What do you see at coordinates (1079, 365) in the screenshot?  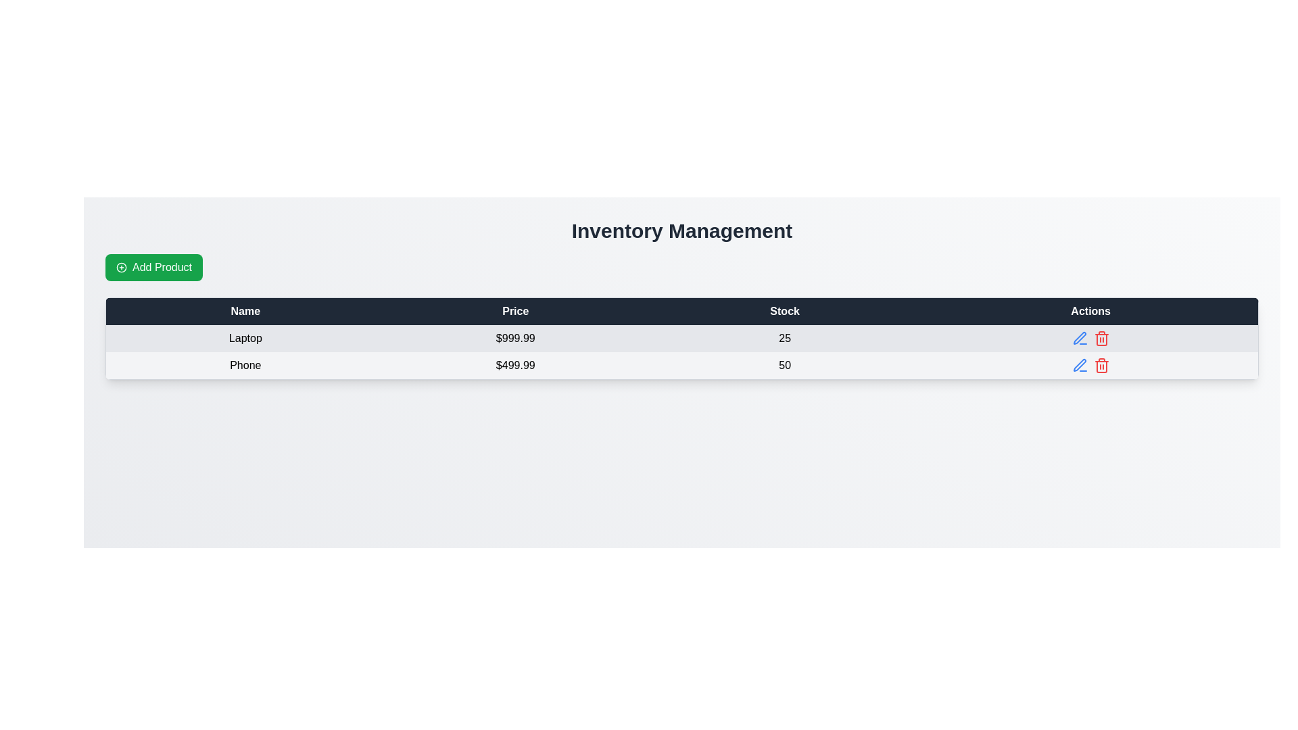 I see `the action button located in the second row under the 'Actions' column` at bounding box center [1079, 365].